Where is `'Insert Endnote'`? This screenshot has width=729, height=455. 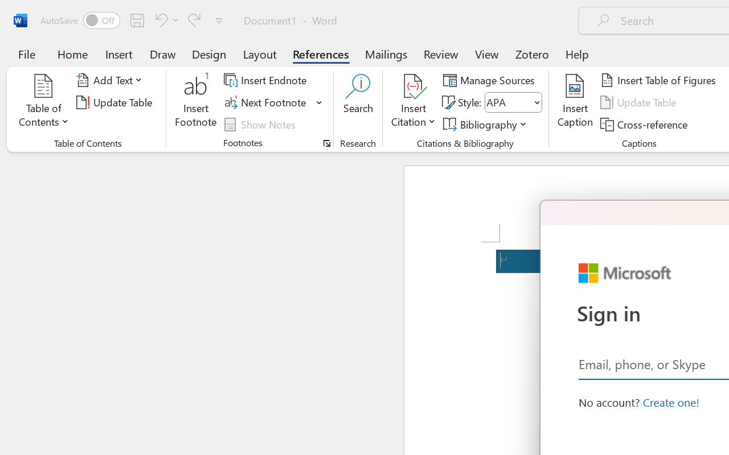
'Insert Endnote' is located at coordinates (266, 80).